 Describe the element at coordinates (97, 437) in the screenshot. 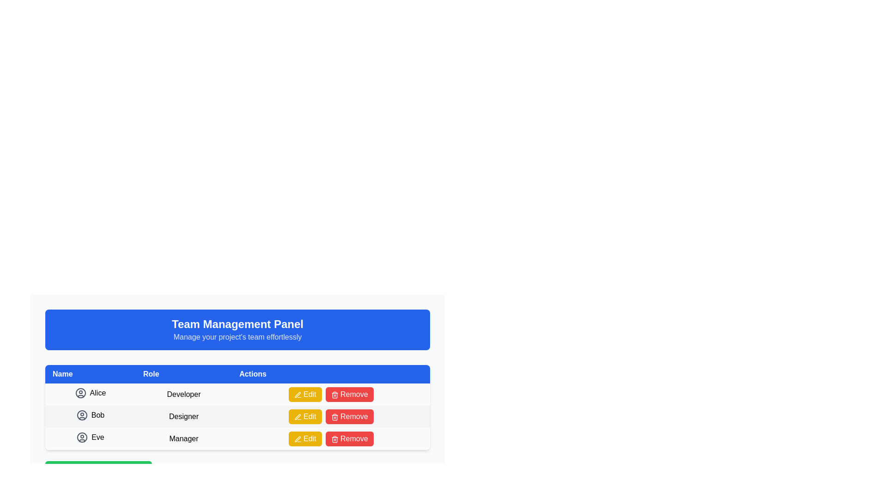

I see `the static text label displaying 'Eve' in the 'Name' column of the team members table` at that location.